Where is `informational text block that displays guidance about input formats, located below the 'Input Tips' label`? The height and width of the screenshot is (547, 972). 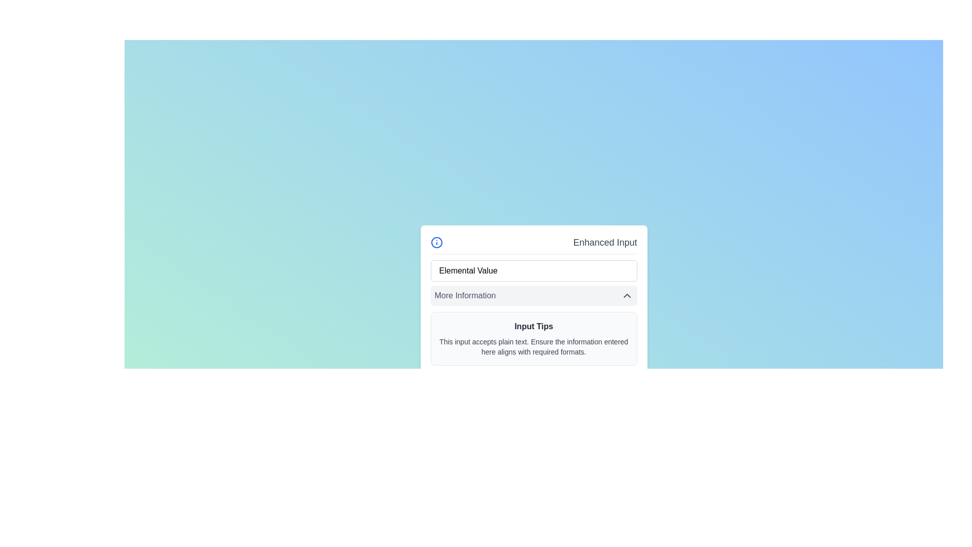
informational text block that displays guidance about input formats, located below the 'Input Tips' label is located at coordinates (533, 346).